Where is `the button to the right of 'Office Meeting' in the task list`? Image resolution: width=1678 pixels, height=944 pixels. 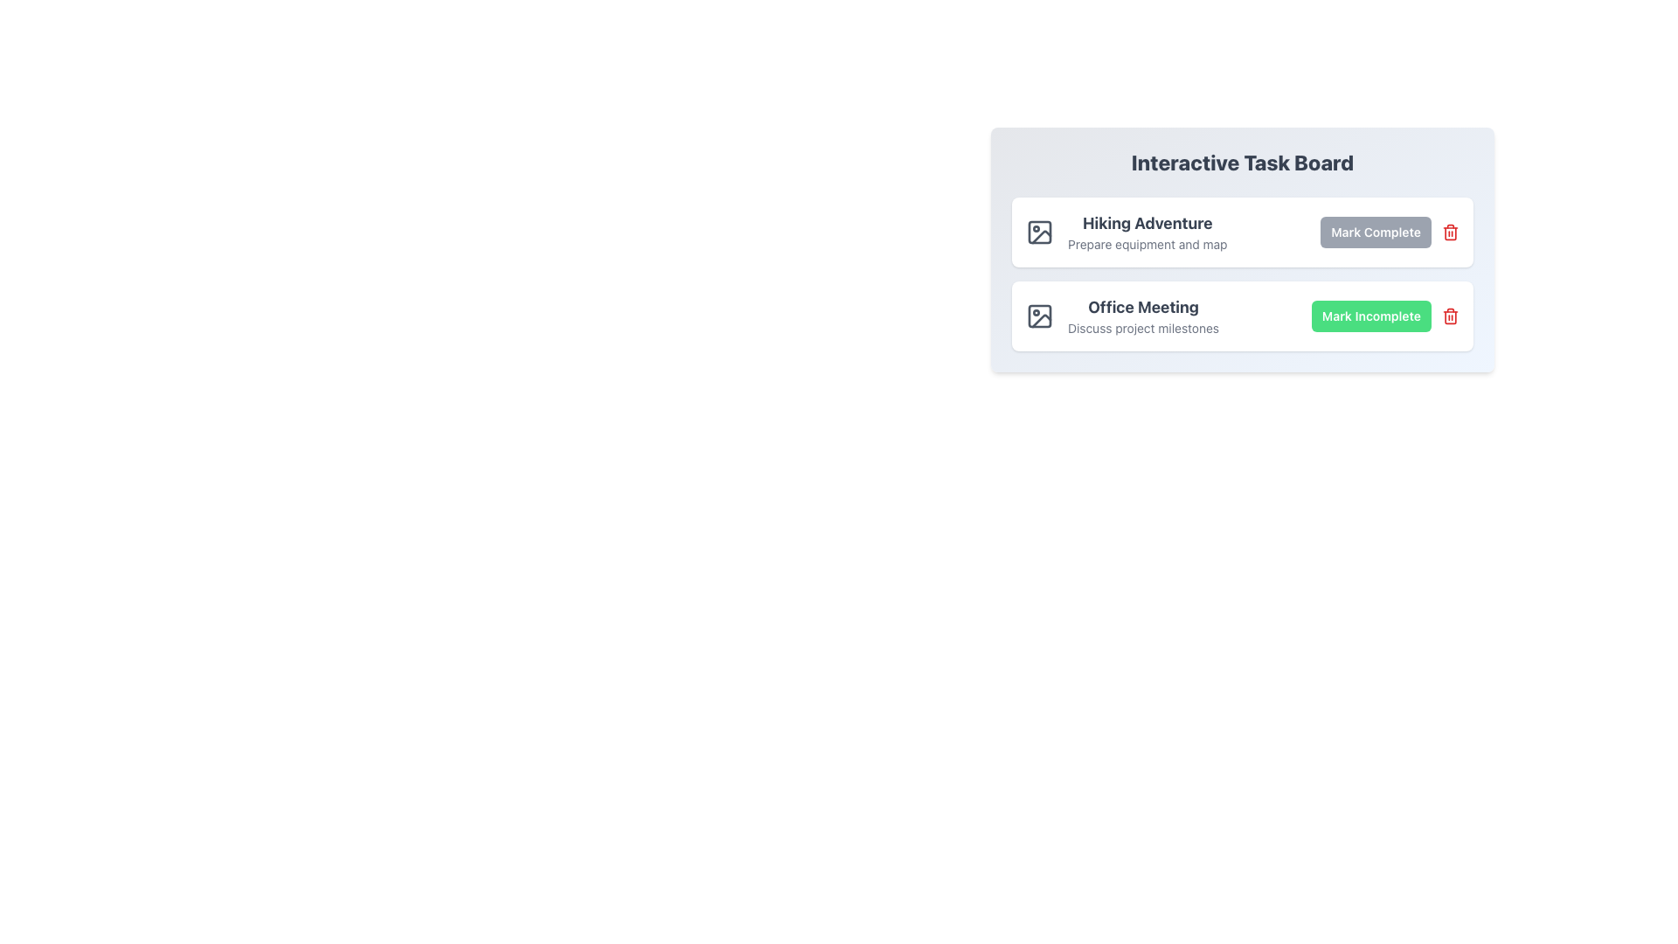 the button to the right of 'Office Meeting' in the task list is located at coordinates (1384, 316).